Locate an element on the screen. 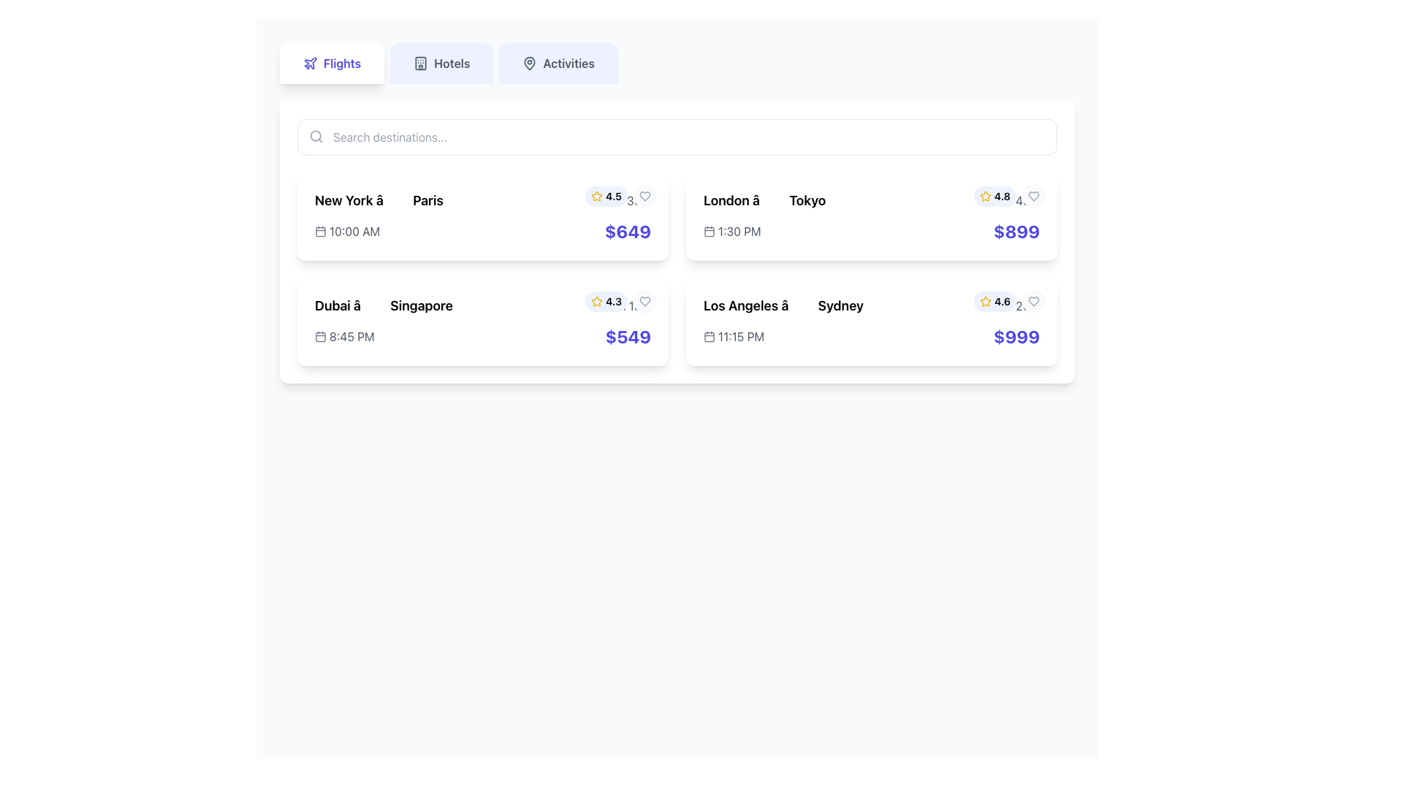 The image size is (1403, 789). the 'Flights' navigation icon located at the top-left corner of the interface is located at coordinates (310, 62).